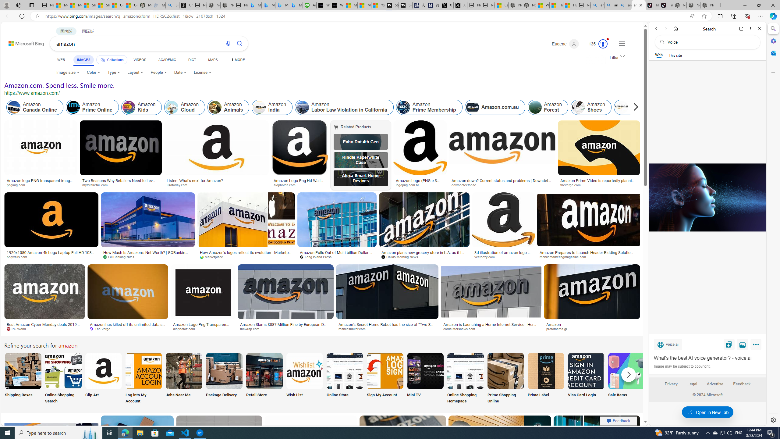  I want to click on 'manilashaker.com', so click(387, 329).